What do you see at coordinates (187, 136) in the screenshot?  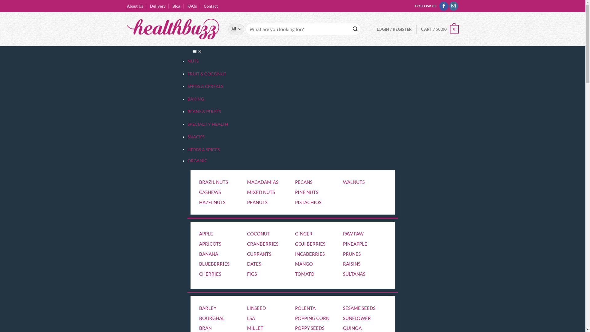 I see `'SNACKS'` at bounding box center [187, 136].